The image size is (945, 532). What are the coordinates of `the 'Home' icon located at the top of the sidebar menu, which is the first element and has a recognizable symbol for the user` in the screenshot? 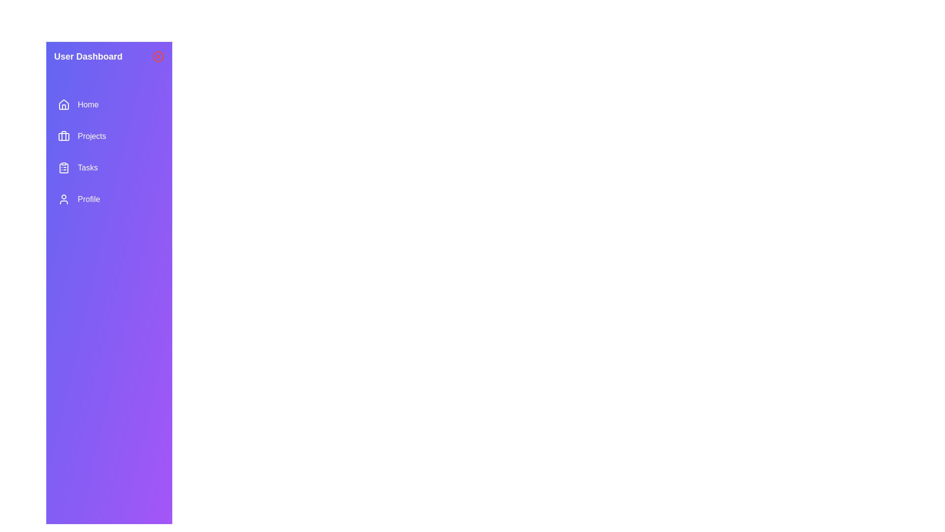 It's located at (63, 104).